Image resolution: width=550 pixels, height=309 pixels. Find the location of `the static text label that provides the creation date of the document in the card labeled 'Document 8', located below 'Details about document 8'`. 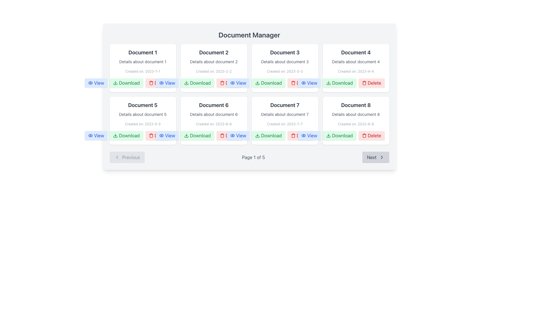

the static text label that provides the creation date of the document in the card labeled 'Document 8', located below 'Details about document 8' is located at coordinates (355, 124).